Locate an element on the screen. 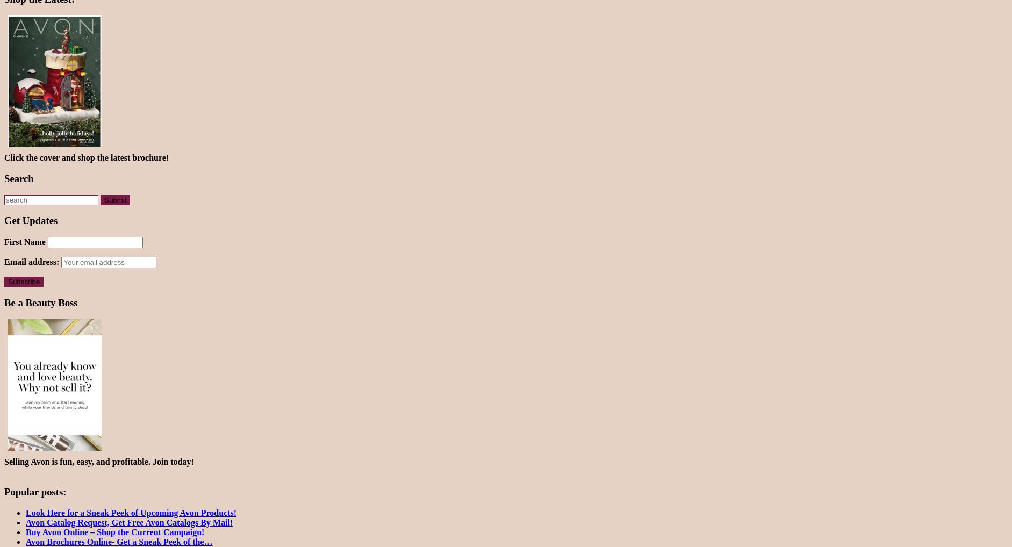 Image resolution: width=1012 pixels, height=547 pixels. 'Look Here for a Sneak Peek of Upcoming Avon Products!' is located at coordinates (131, 512).